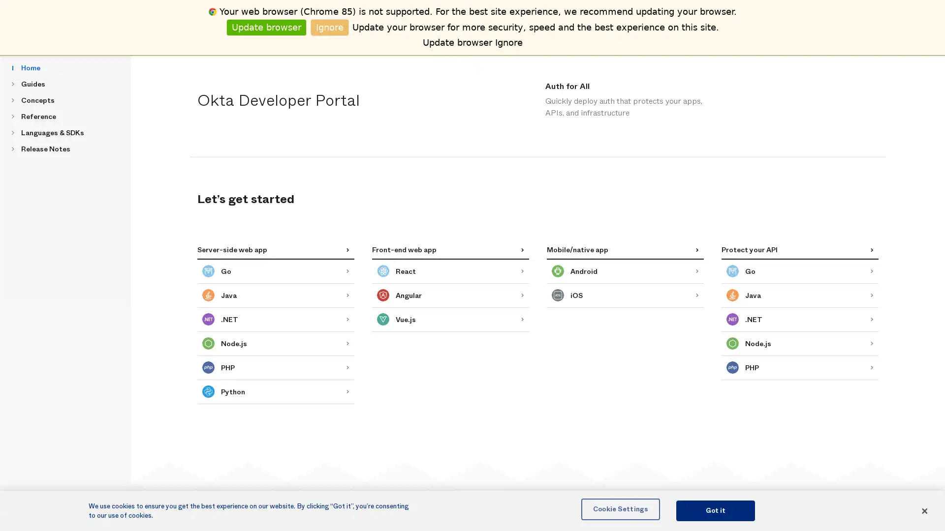 The height and width of the screenshot is (531, 945). Describe the element at coordinates (716, 510) in the screenshot. I see `Got it` at that location.